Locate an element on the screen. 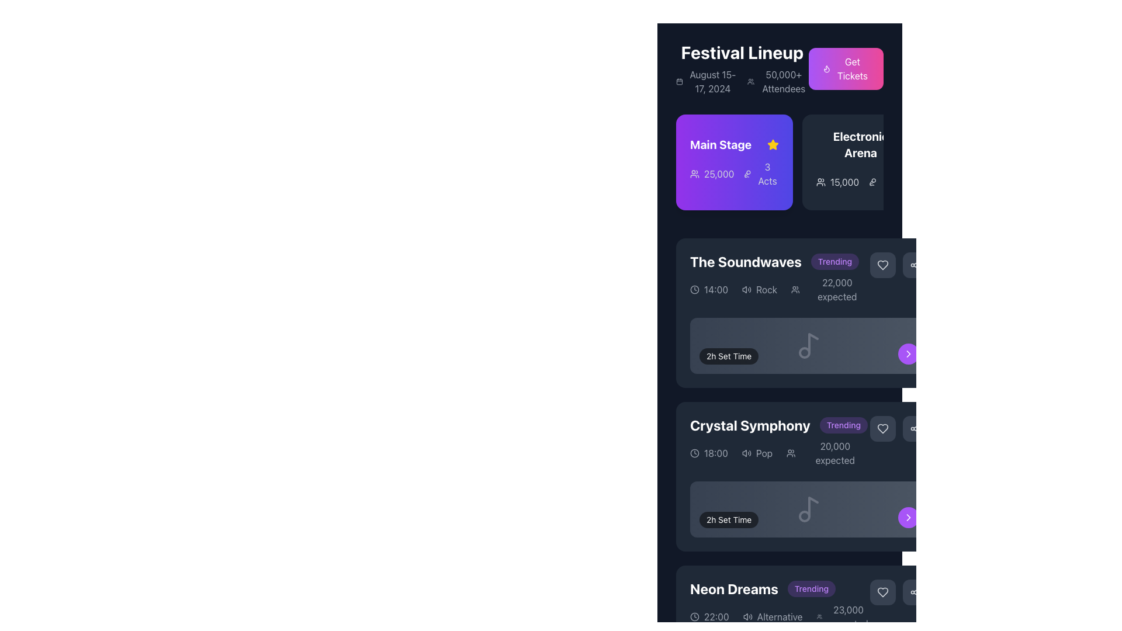 The image size is (1122, 631). text label 'Main Stage' which identifies the primary performance area on the purple gradient card in the 'Festival Lineup' section is located at coordinates (734, 144).